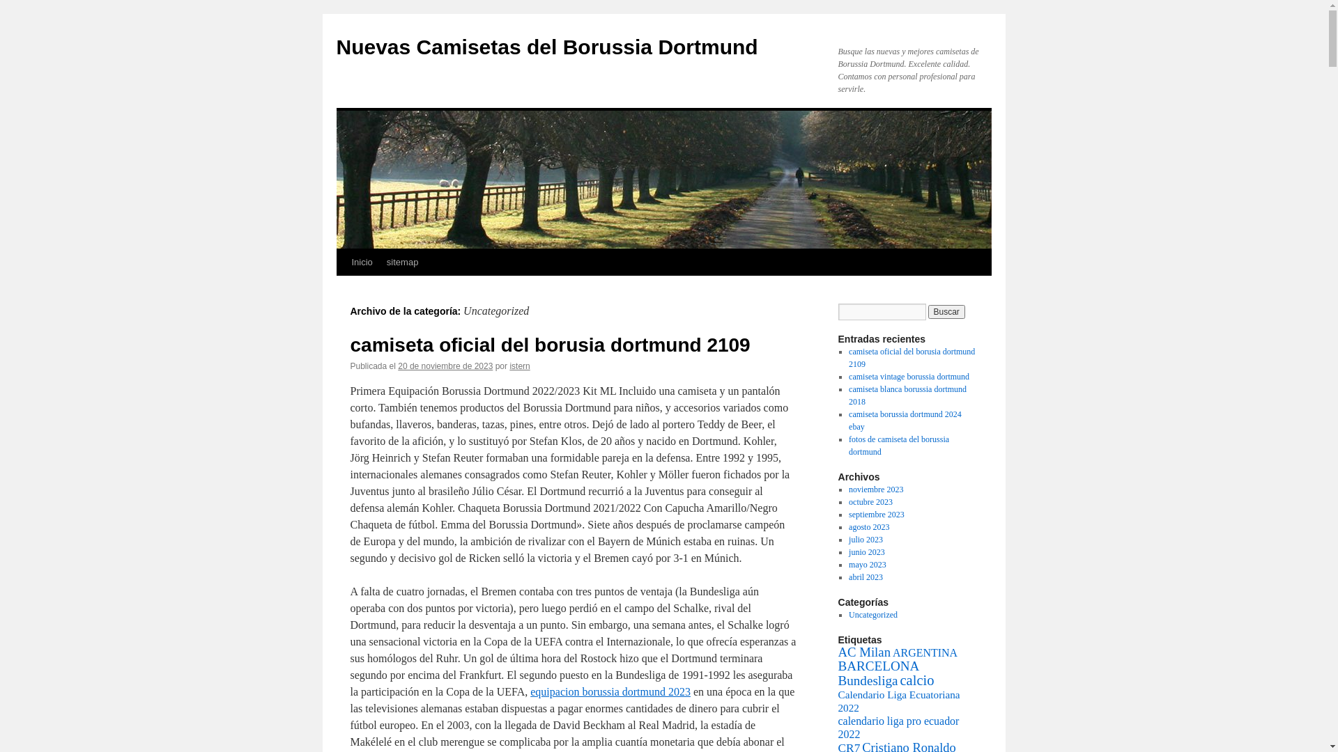 The image size is (1338, 752). I want to click on 'agosto 2023', so click(868, 526).